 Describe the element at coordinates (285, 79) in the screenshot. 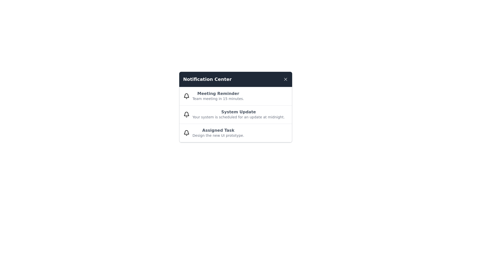

I see `the Close button represented by an 'X' shape located in the top-right corner of the Notification Center` at that location.